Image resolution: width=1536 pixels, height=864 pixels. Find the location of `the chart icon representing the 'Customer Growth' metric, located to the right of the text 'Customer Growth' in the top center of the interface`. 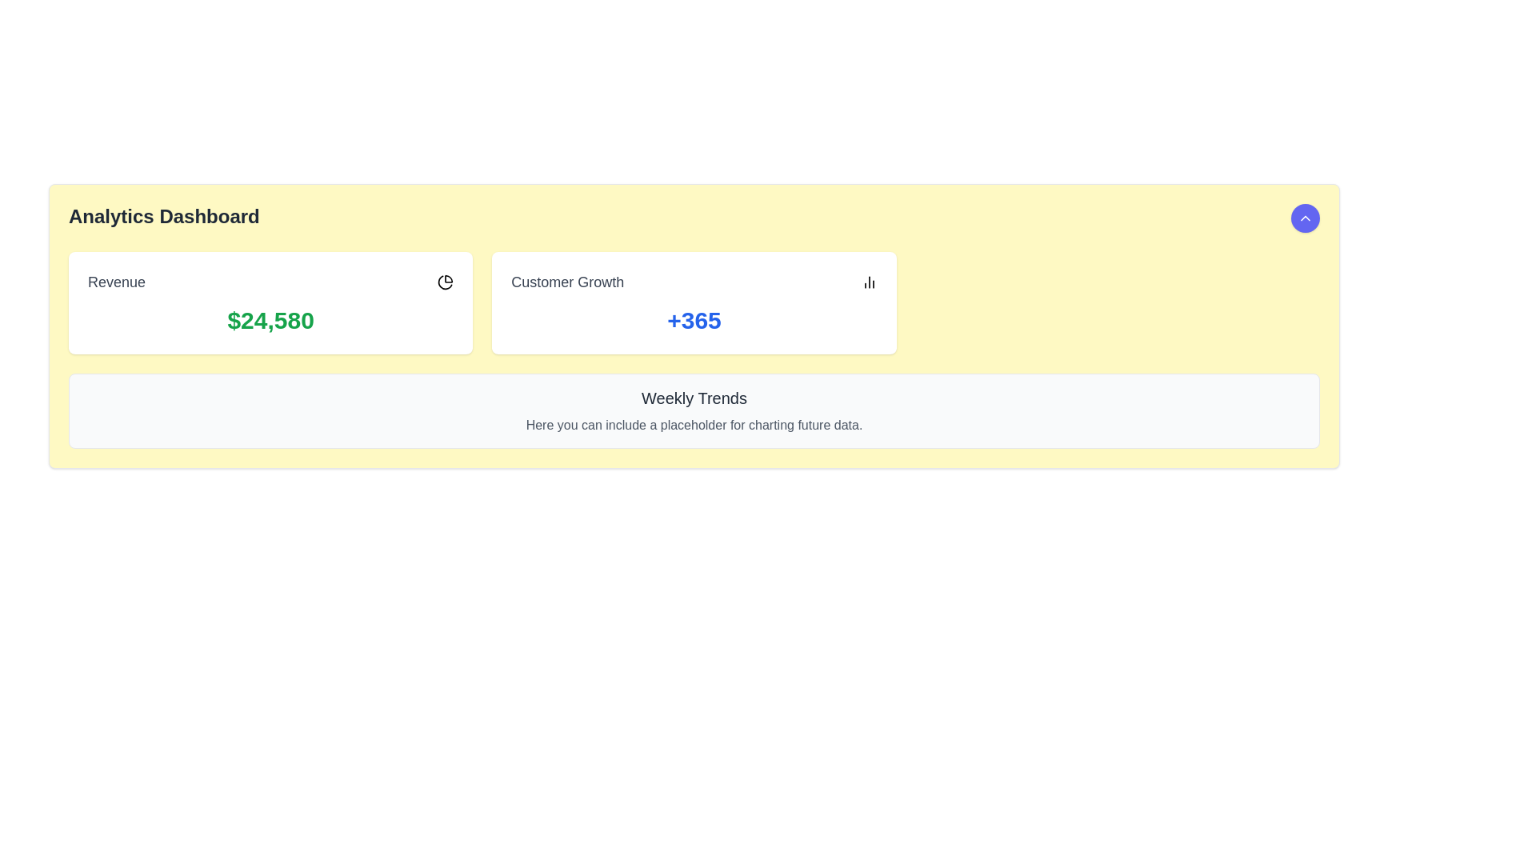

the chart icon representing the 'Customer Growth' metric, located to the right of the text 'Customer Growth' in the top center of the interface is located at coordinates (868, 282).